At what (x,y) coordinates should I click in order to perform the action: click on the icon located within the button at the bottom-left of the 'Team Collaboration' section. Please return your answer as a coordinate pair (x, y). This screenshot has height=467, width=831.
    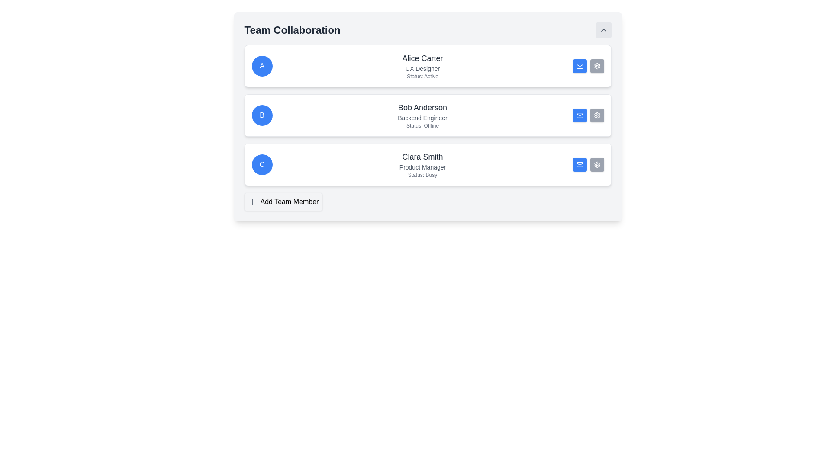
    Looking at the image, I should click on (252, 202).